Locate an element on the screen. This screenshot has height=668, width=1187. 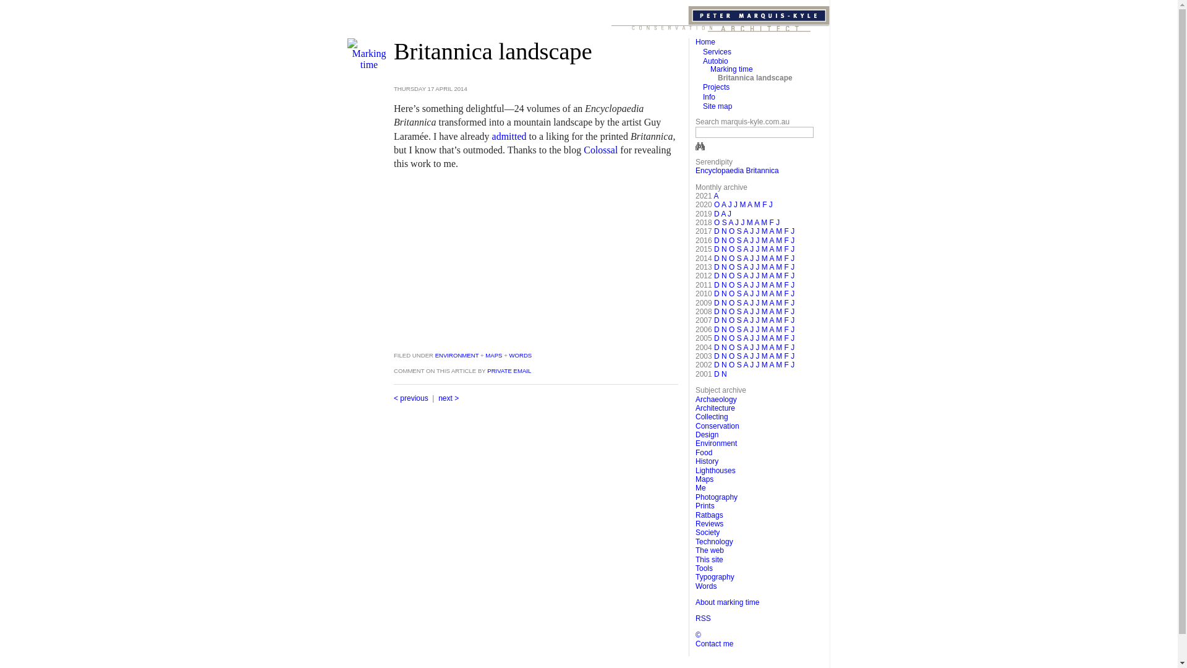
'M' is located at coordinates (764, 302).